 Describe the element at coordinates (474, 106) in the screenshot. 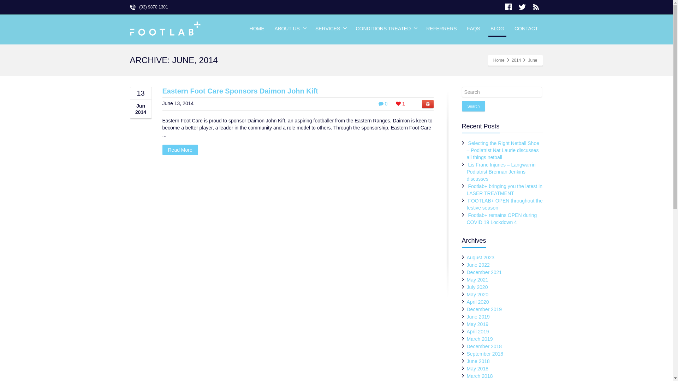

I see `'Search'` at that location.